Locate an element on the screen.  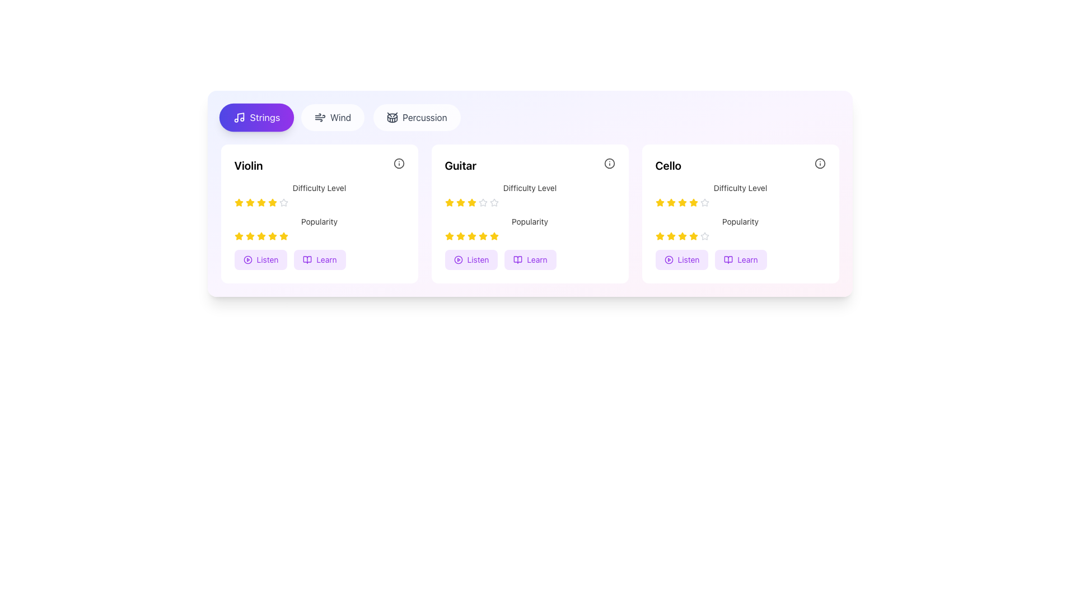
the stars in the Rating component located in the 'Cello' card, which is positioned below the 'Difficulty Level' rating row is located at coordinates (740, 228).